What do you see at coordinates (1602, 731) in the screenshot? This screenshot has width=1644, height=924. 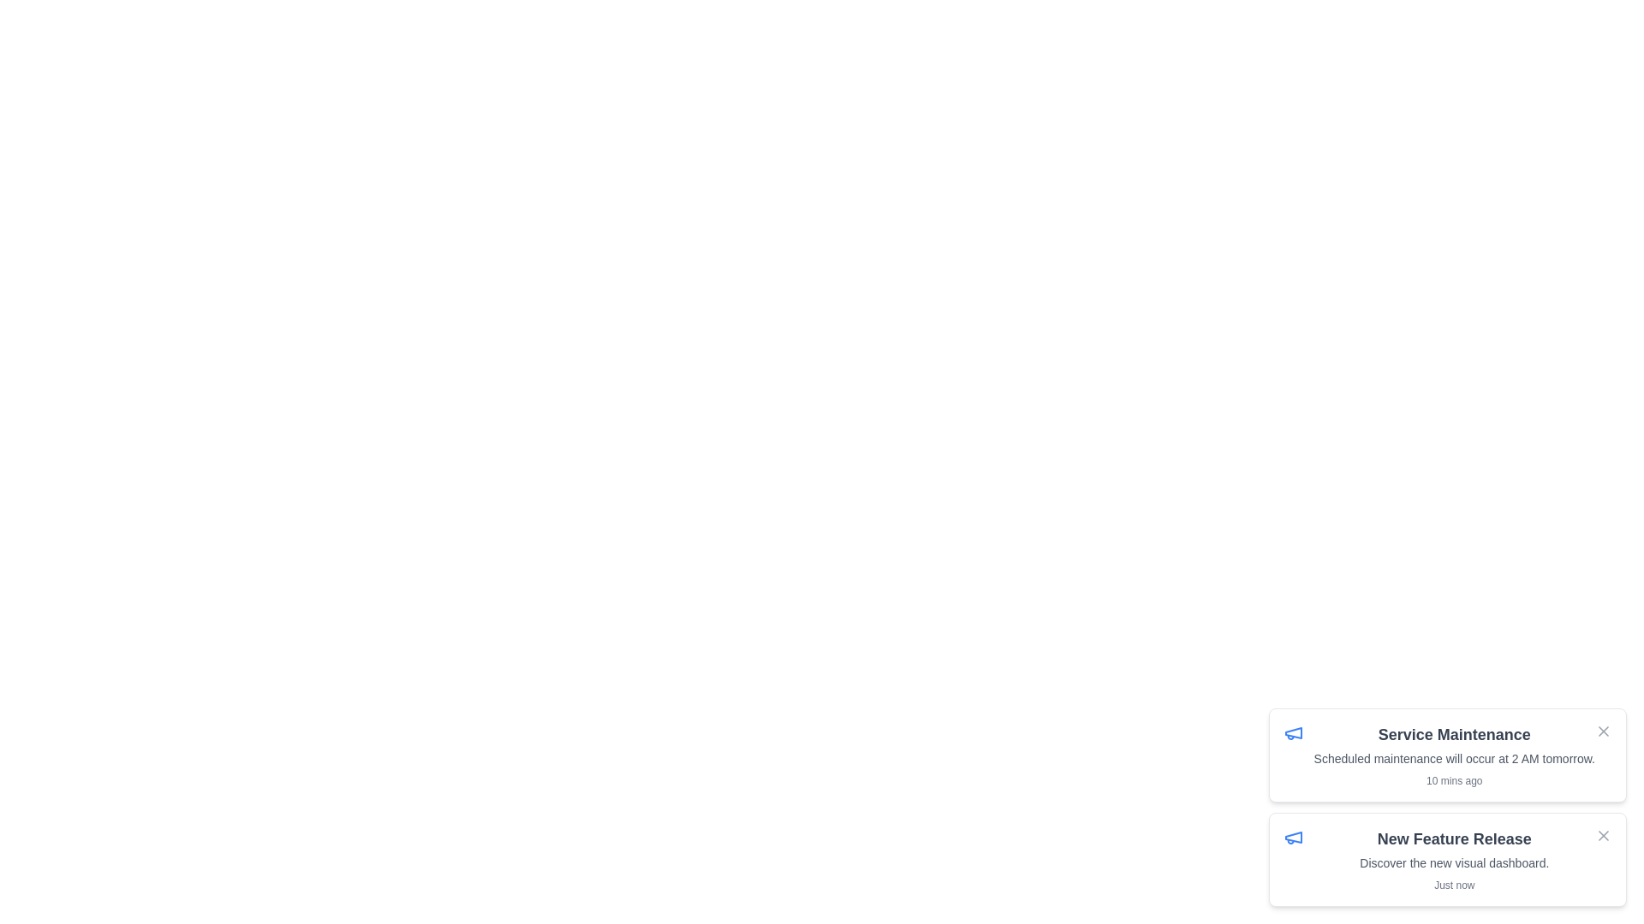 I see `the close button of the message with title Service Maintenance` at bounding box center [1602, 731].